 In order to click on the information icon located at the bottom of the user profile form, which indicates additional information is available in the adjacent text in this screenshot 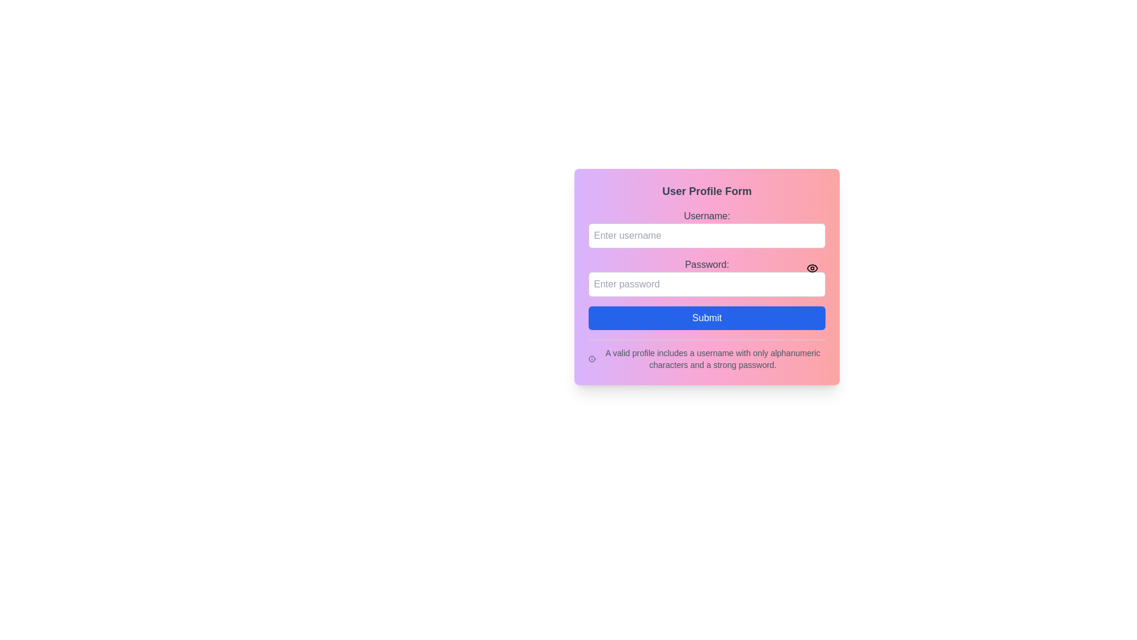, I will do `click(592, 358)`.